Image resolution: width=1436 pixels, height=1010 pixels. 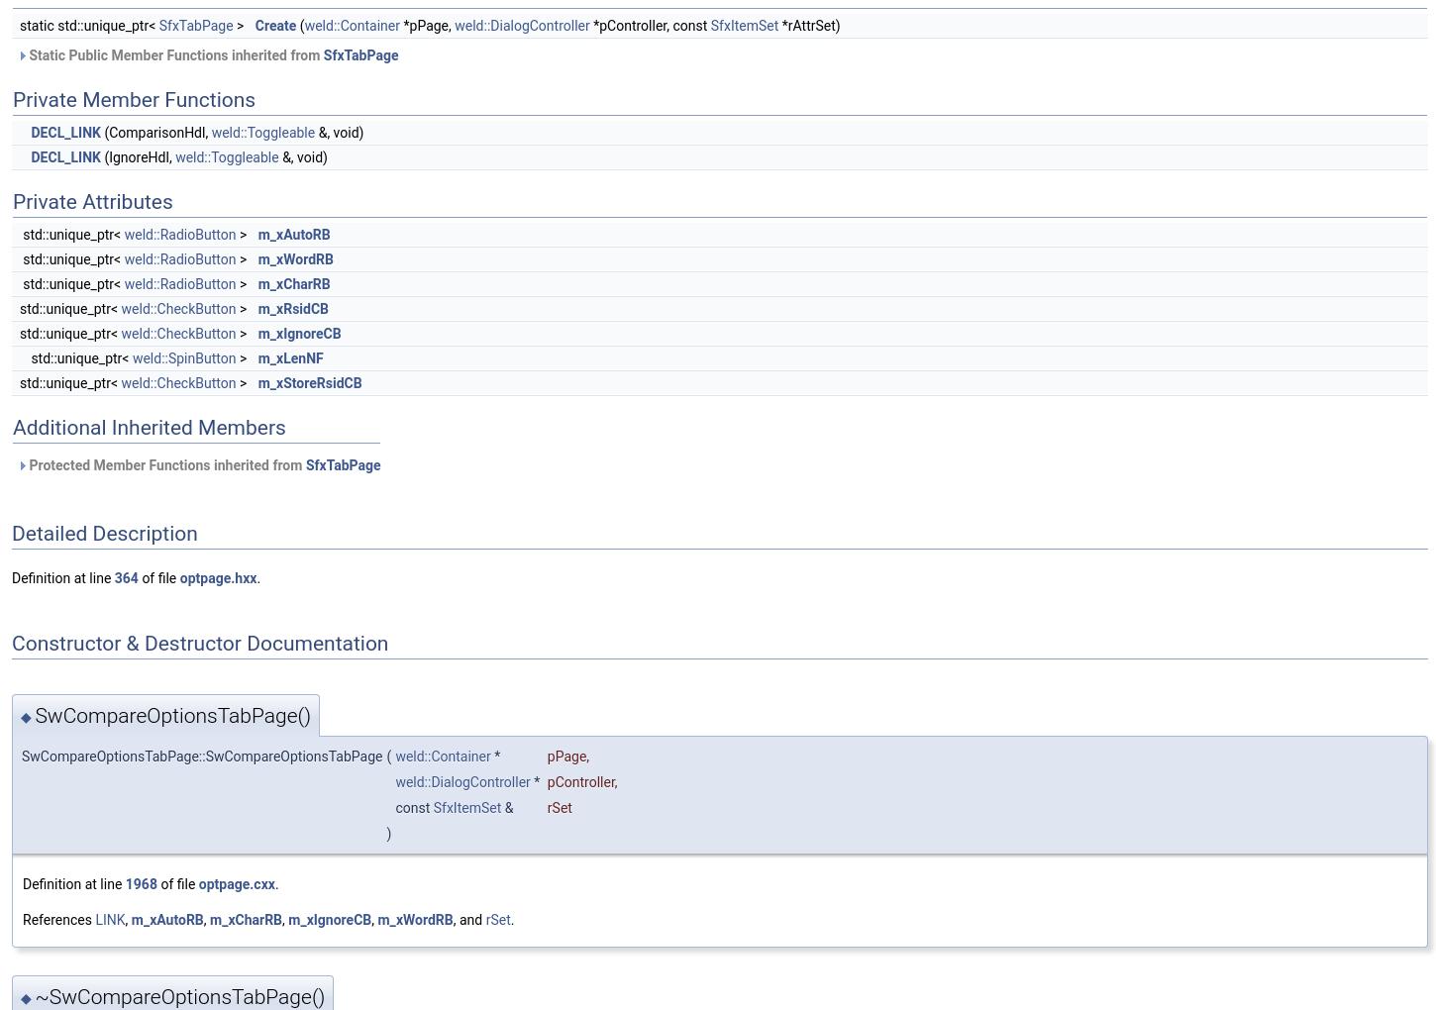 I want to click on 'Private Attributes', so click(x=13, y=201).